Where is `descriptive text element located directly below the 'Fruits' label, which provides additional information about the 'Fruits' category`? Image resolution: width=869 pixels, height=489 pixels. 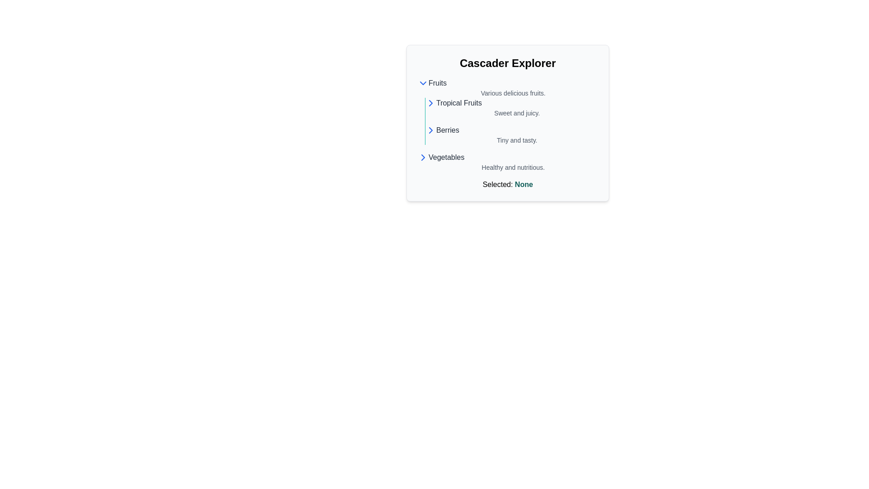
descriptive text element located directly below the 'Fruits' label, which provides additional information about the 'Fruits' category is located at coordinates (513, 93).